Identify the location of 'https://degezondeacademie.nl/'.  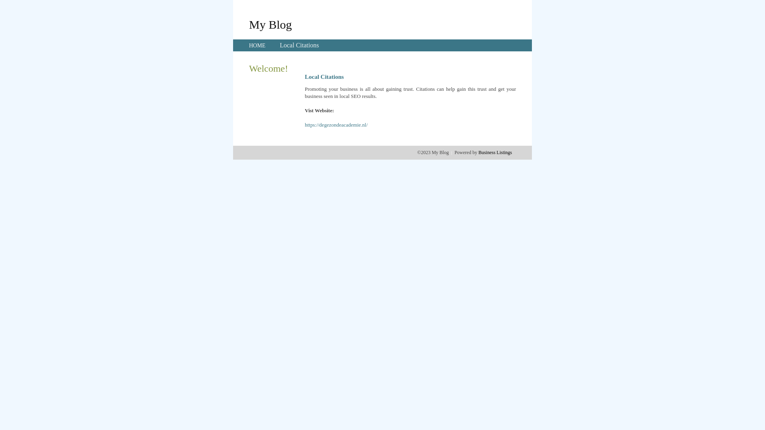
(336, 125).